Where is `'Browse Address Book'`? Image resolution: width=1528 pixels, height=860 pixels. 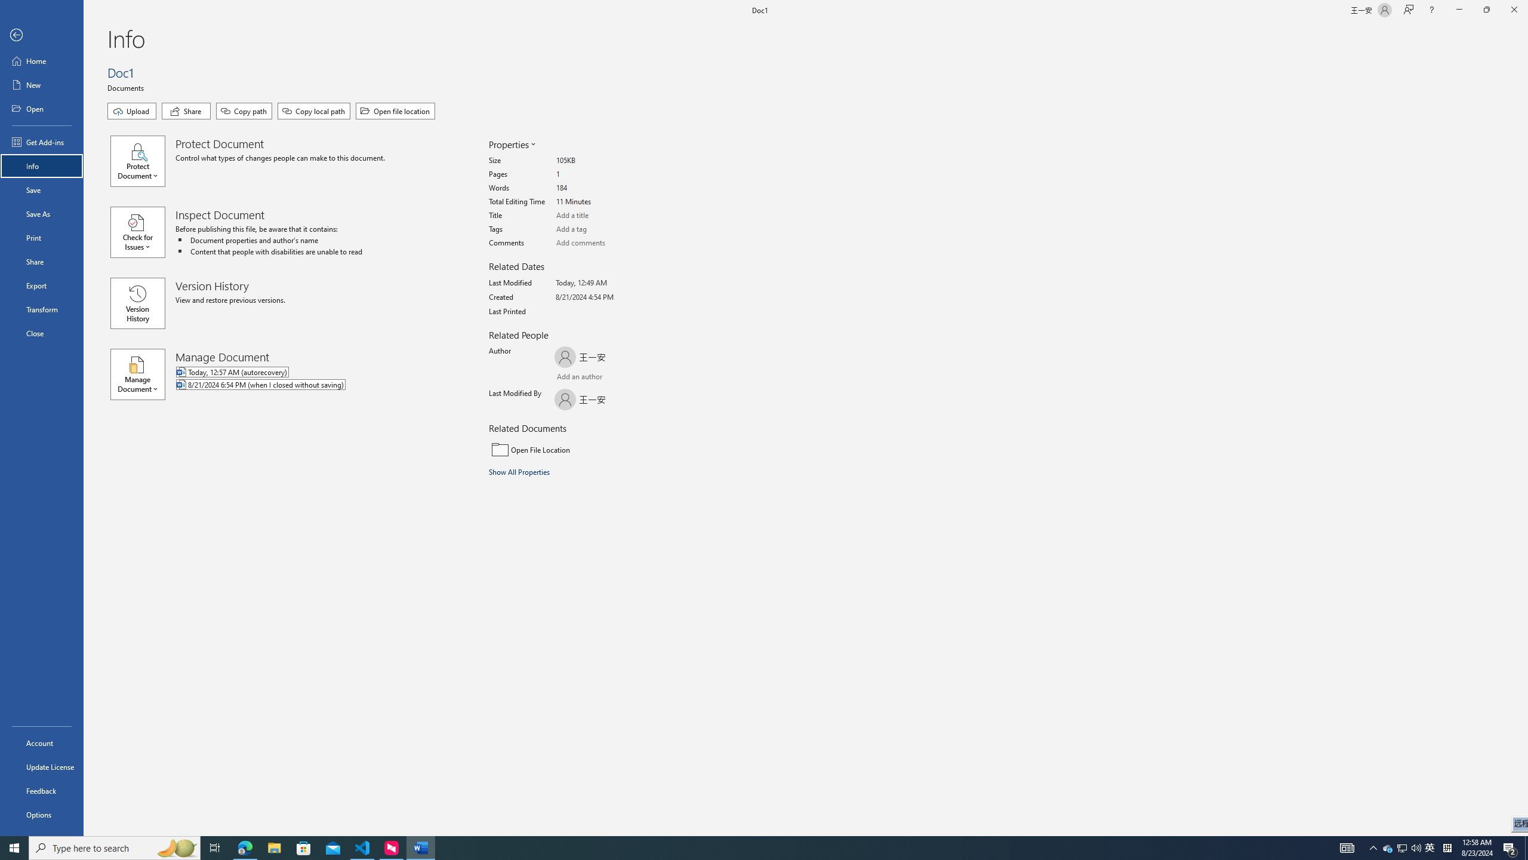
'Browse Address Book' is located at coordinates (625, 377).